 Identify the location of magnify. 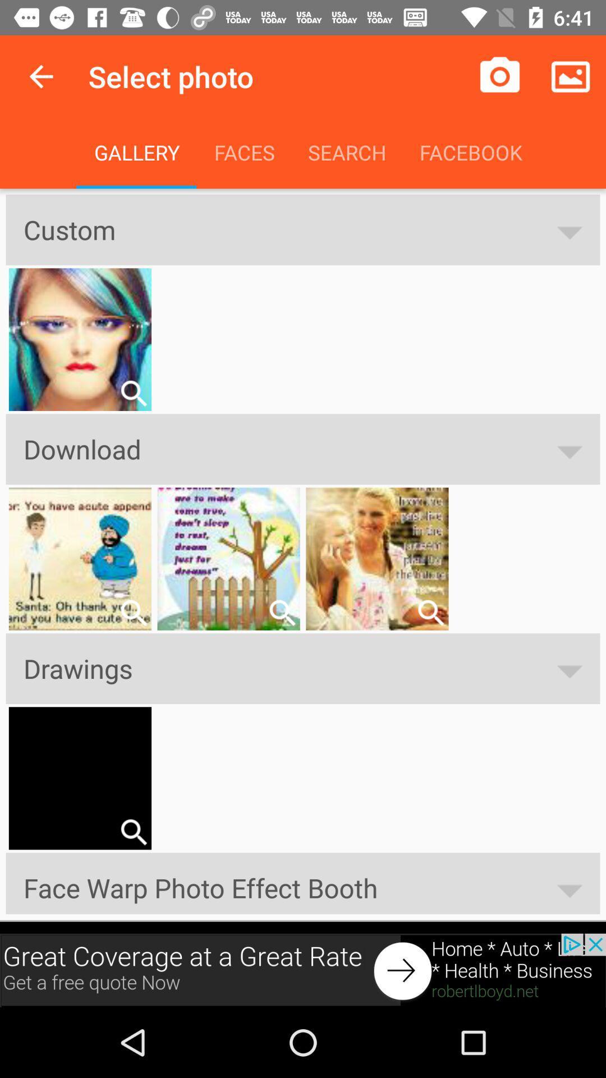
(430, 612).